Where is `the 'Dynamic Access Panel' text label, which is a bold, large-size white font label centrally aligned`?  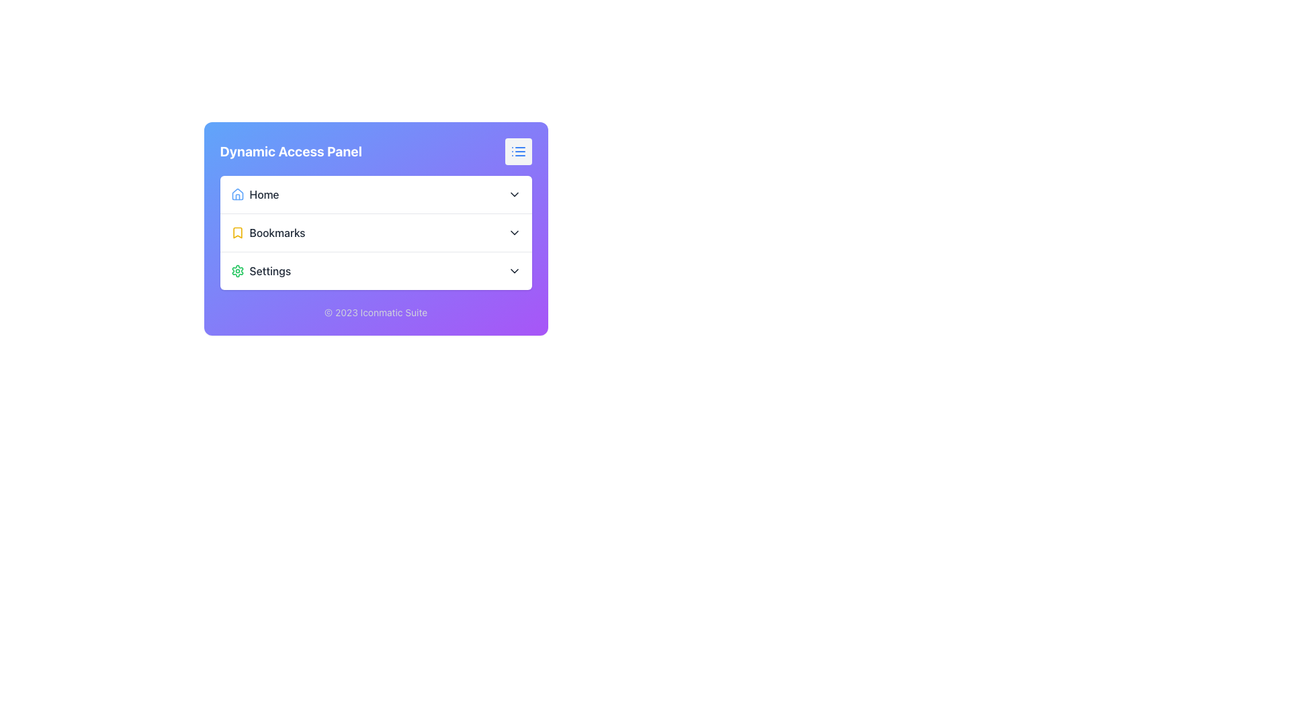
the 'Dynamic Access Panel' text label, which is a bold, large-size white font label centrally aligned is located at coordinates (290, 151).